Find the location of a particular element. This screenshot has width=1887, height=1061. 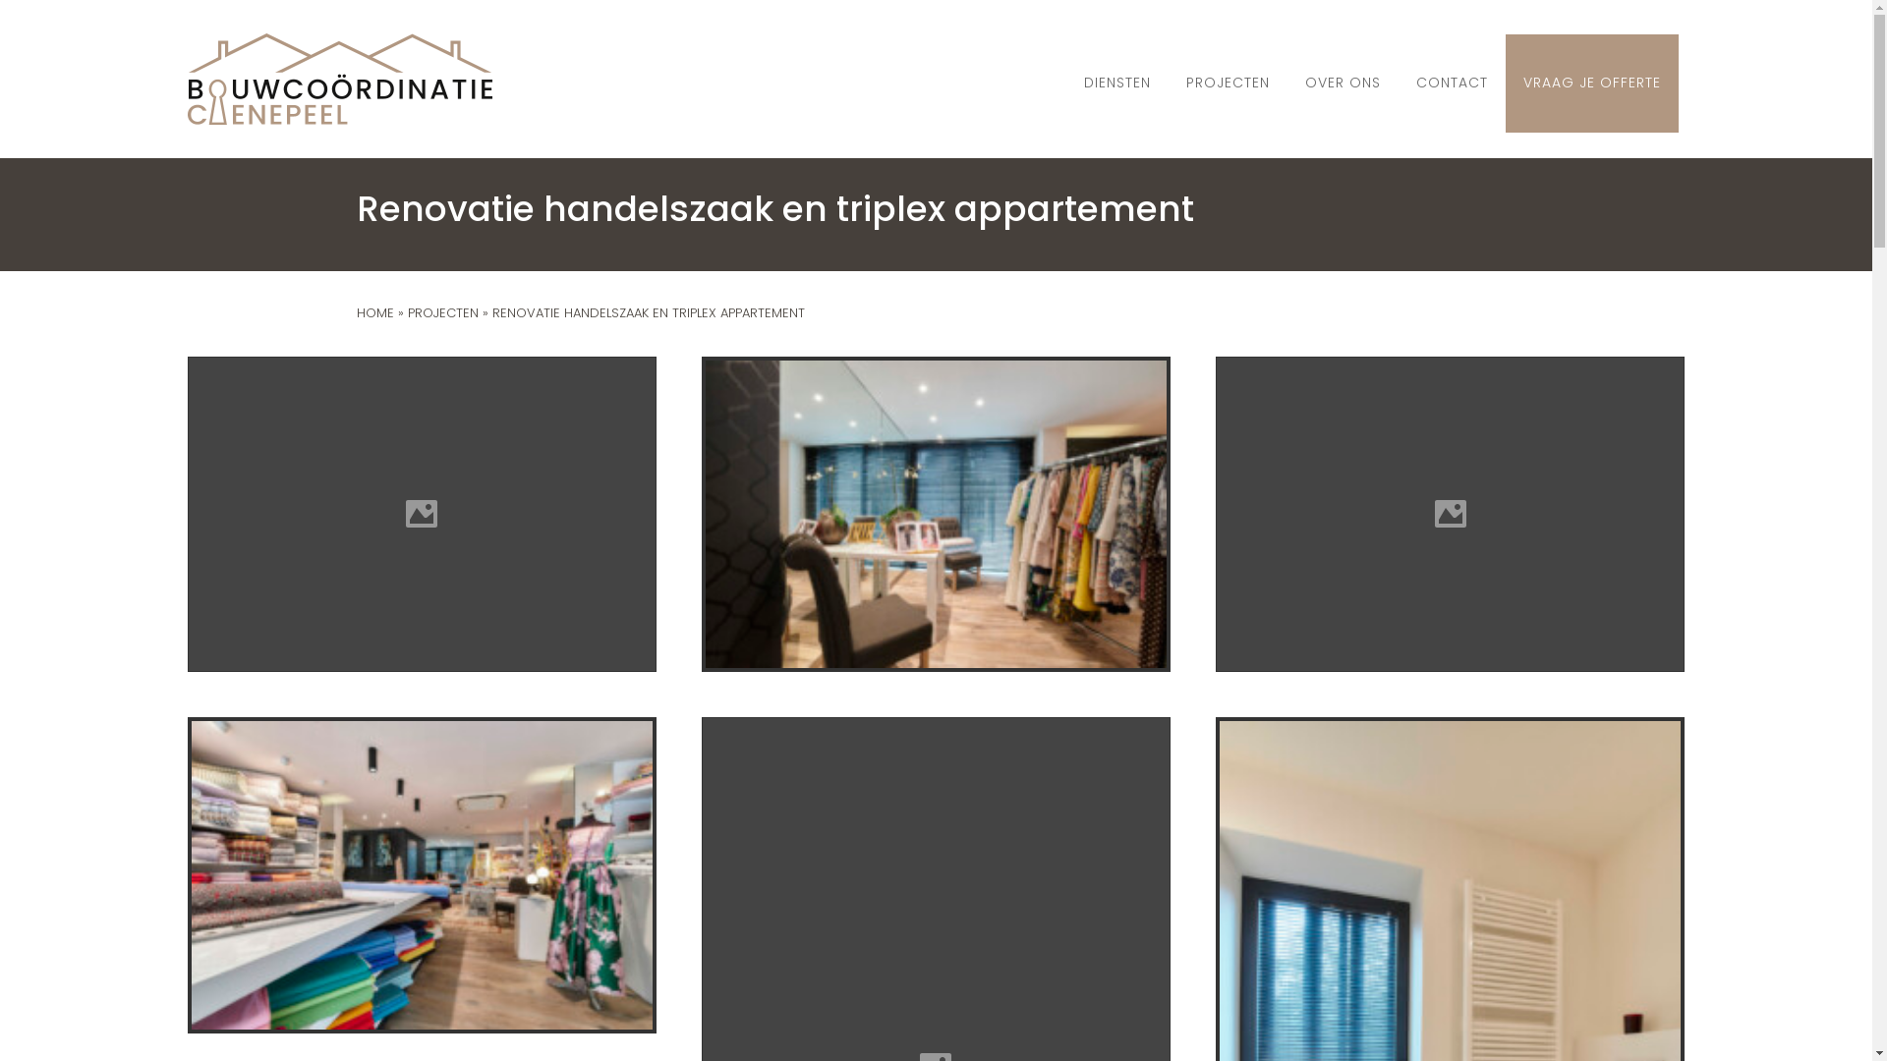

'HOME' is located at coordinates (373, 311).